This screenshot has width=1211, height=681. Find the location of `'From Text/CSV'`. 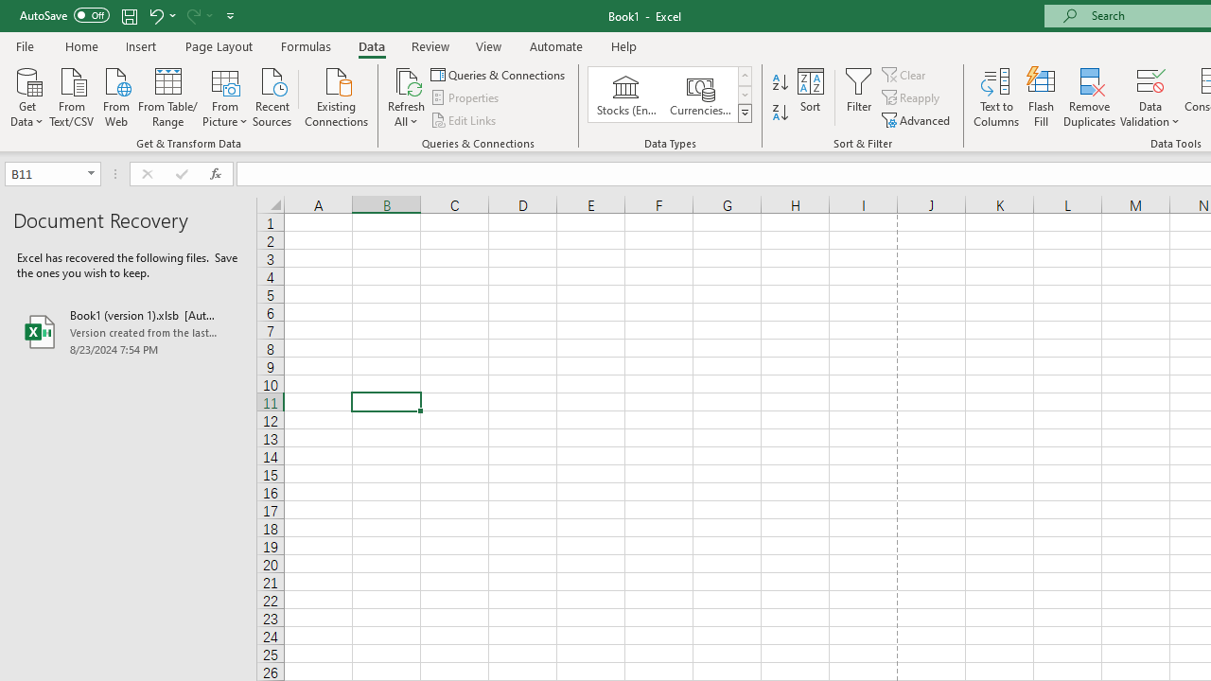

'From Text/CSV' is located at coordinates (72, 96).